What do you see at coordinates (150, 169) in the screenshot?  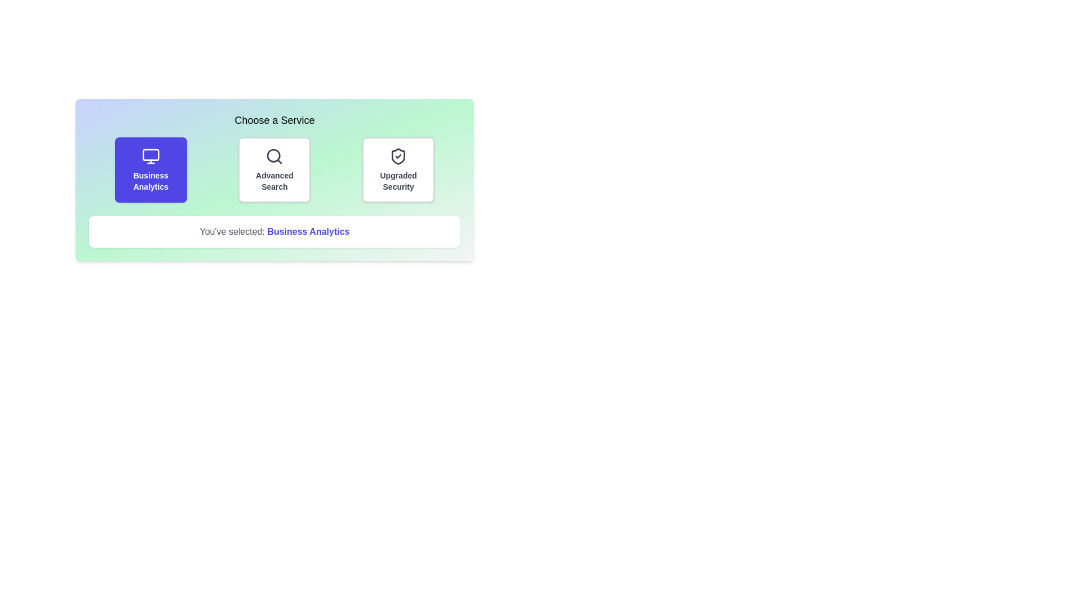 I see `the service option Business Analytics` at bounding box center [150, 169].